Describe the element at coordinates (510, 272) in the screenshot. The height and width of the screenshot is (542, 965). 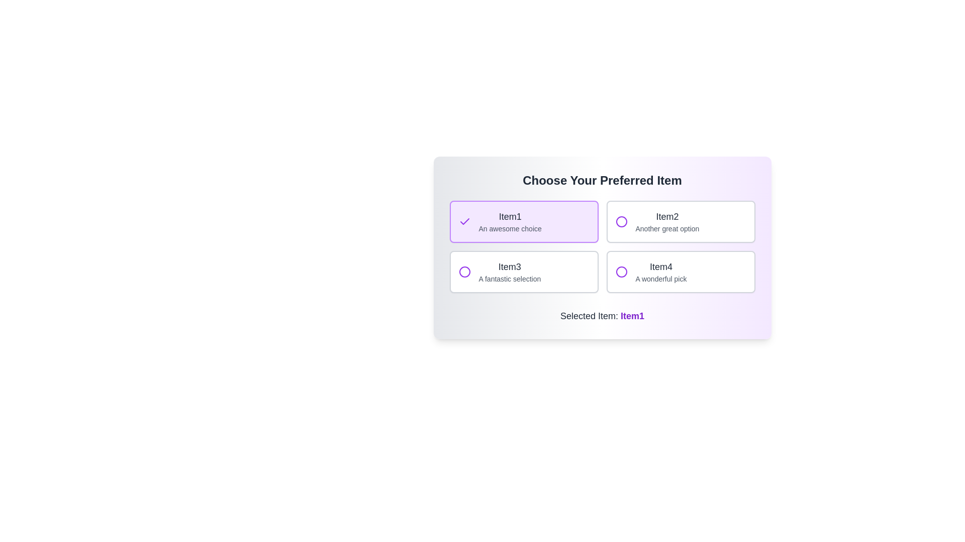
I see `the selectable option box for 'Item3'` at that location.